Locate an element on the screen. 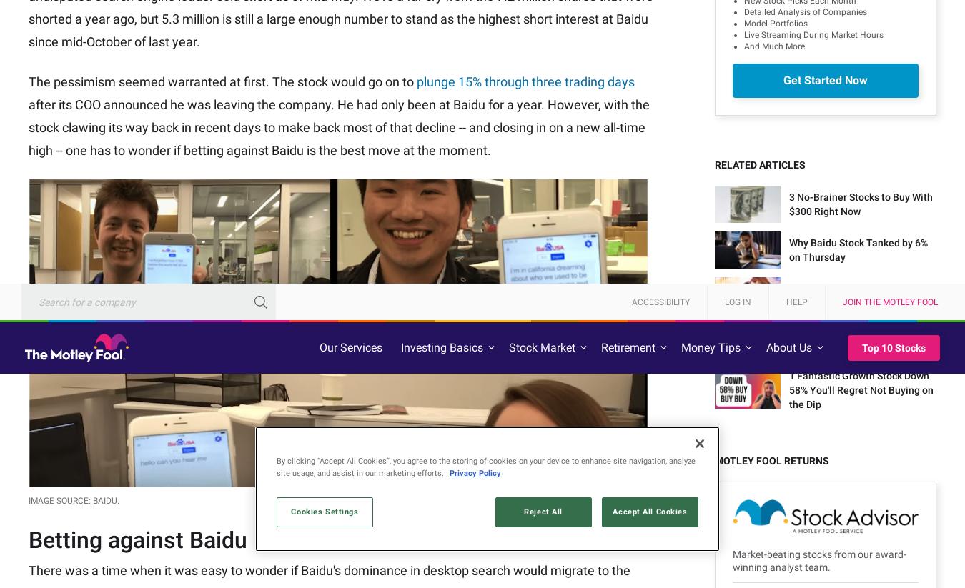  'its latest quarter' is located at coordinates (302, 83).